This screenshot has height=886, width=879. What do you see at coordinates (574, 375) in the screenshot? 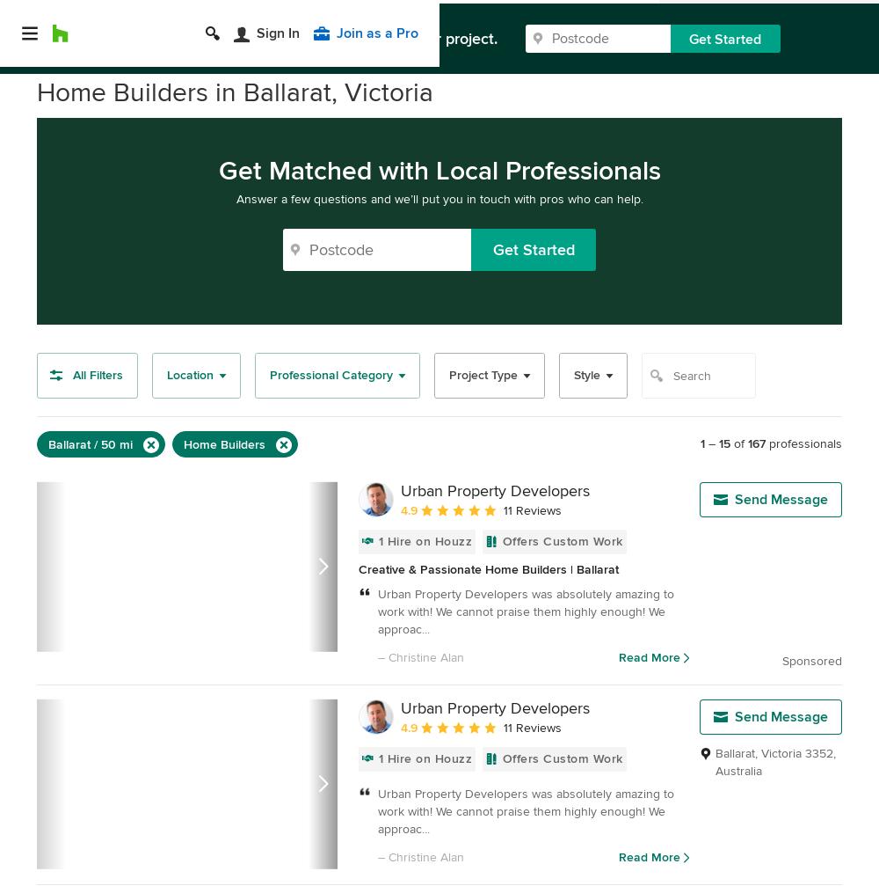
I see `'Style'` at bounding box center [574, 375].